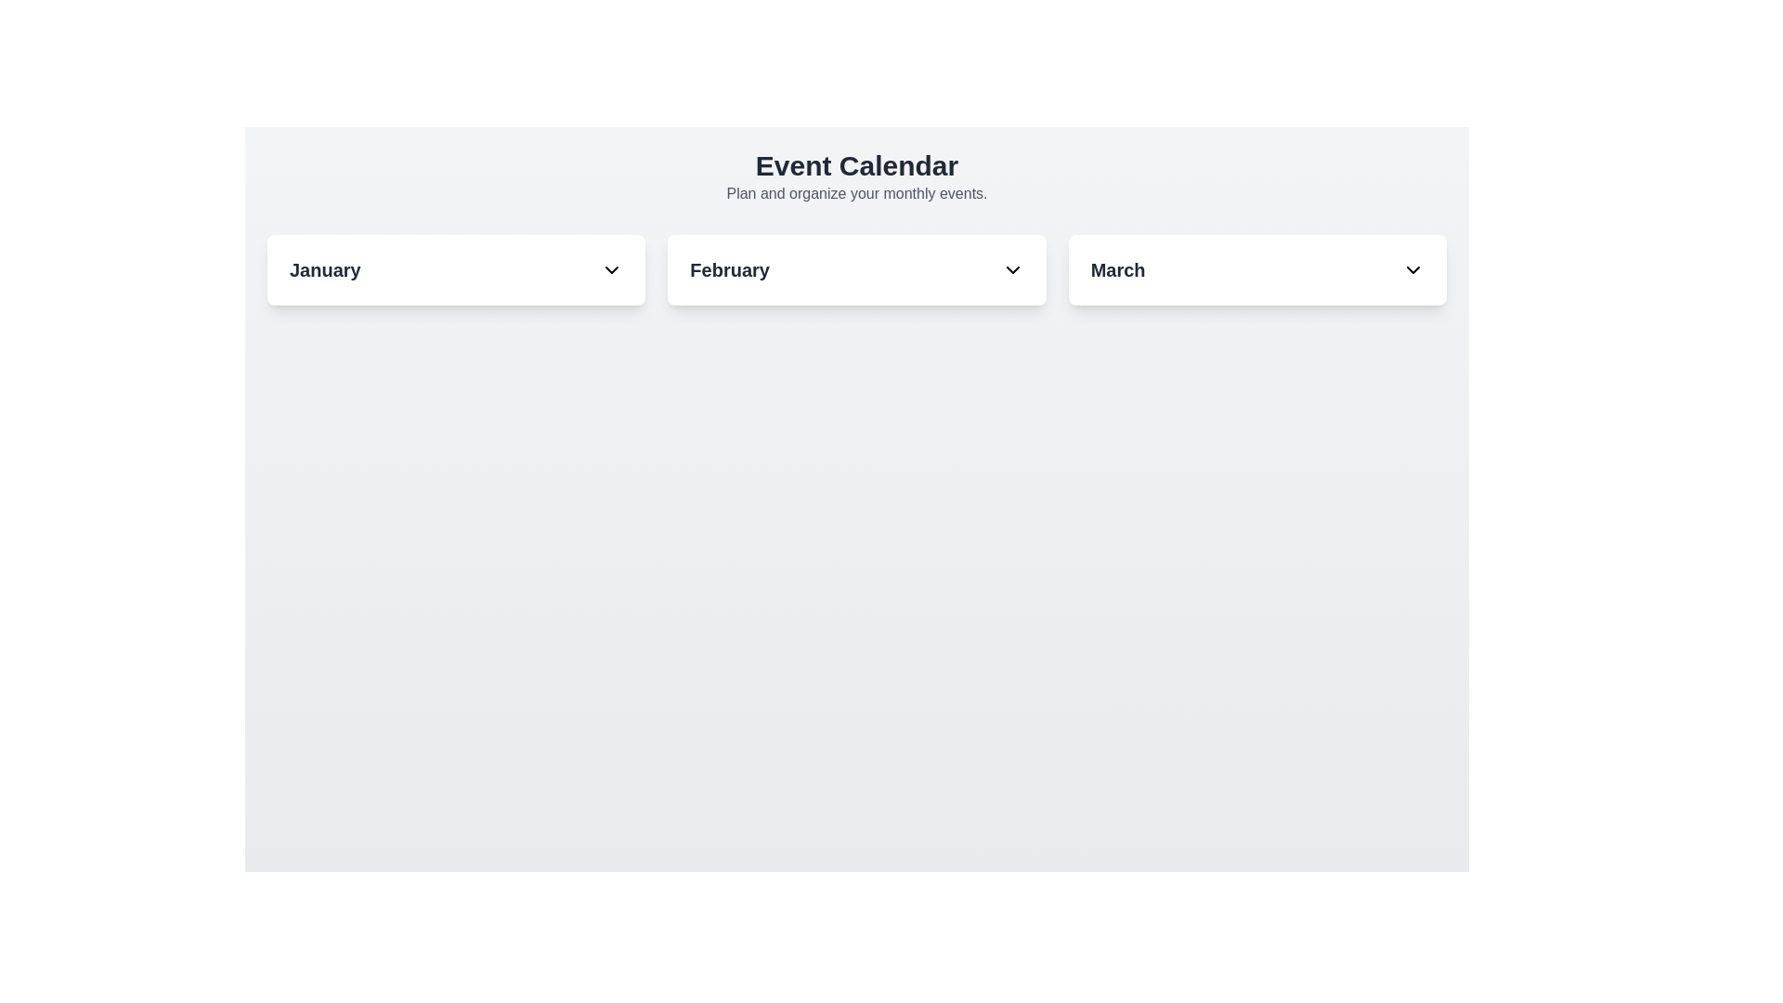  I want to click on the dropdown menu labeled 'February', so click(855, 269).